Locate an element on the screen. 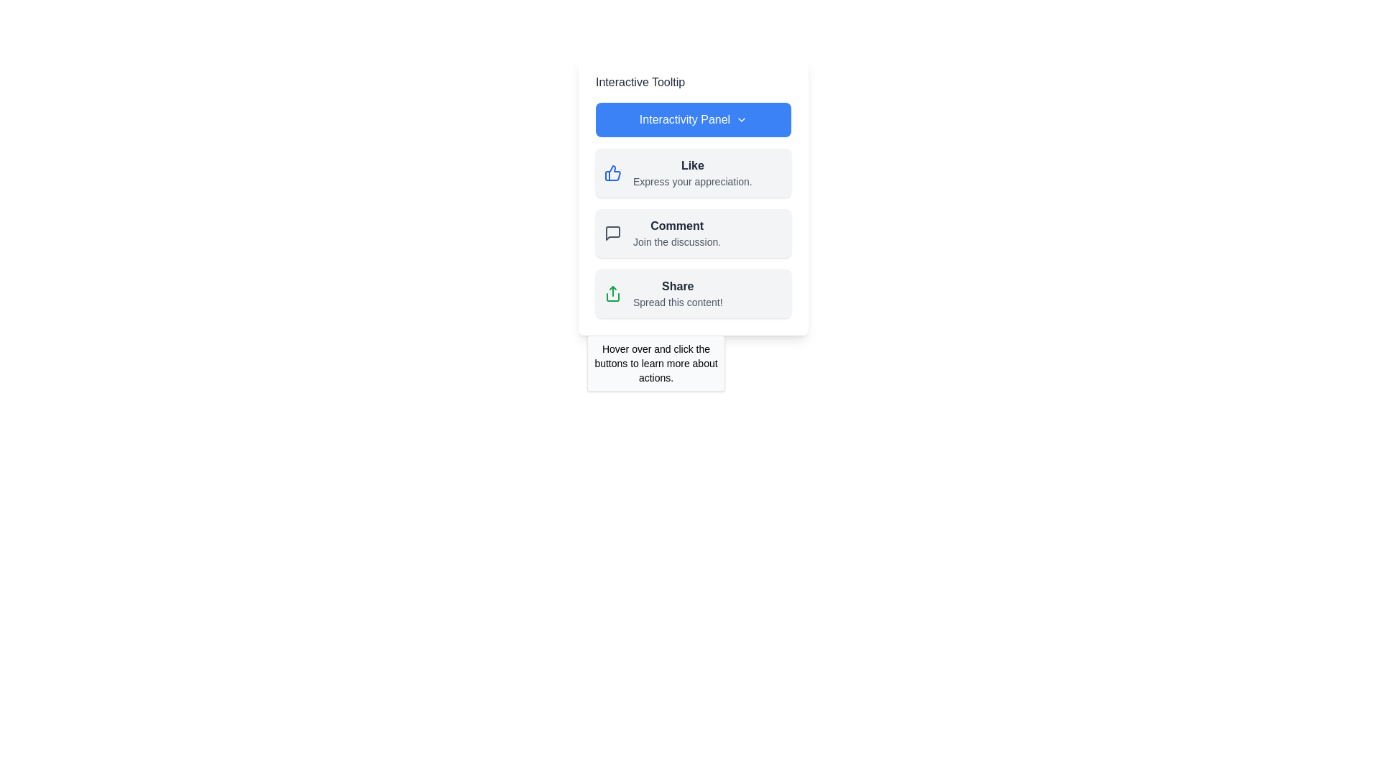  the 'Like' button, which is the first button in a vertical list under the 'Interactive Tooltip' header is located at coordinates (693, 172).